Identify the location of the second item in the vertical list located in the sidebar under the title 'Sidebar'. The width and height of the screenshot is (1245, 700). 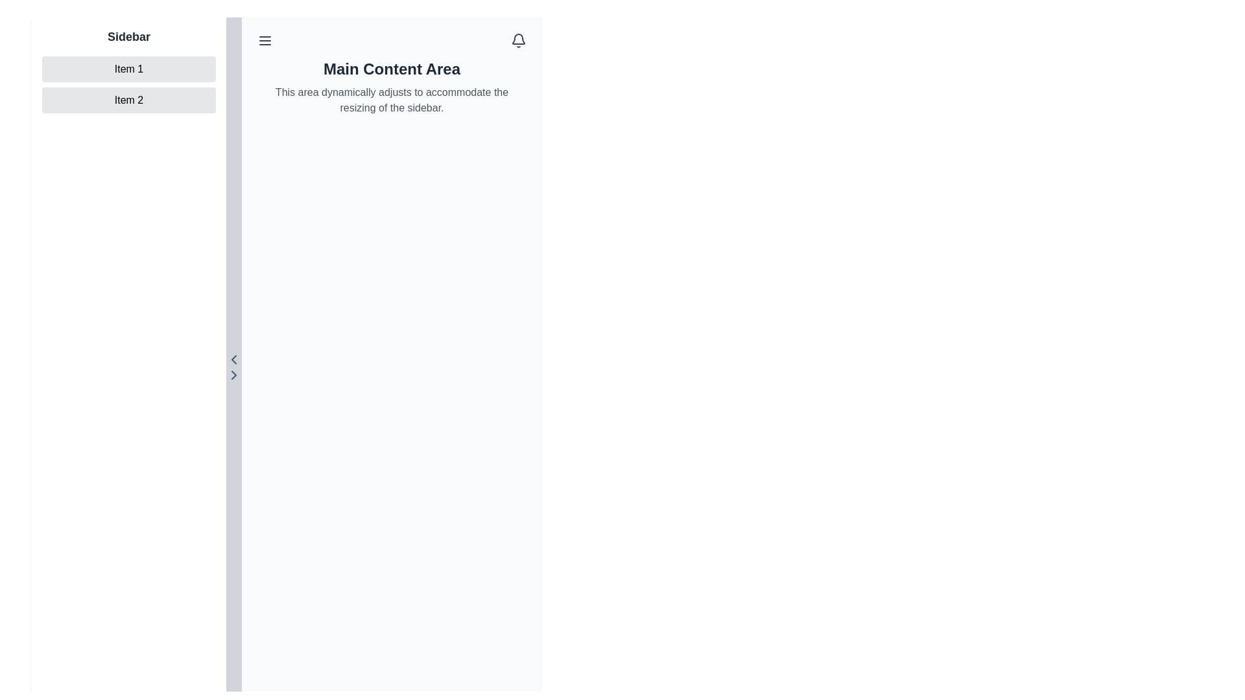
(128, 85).